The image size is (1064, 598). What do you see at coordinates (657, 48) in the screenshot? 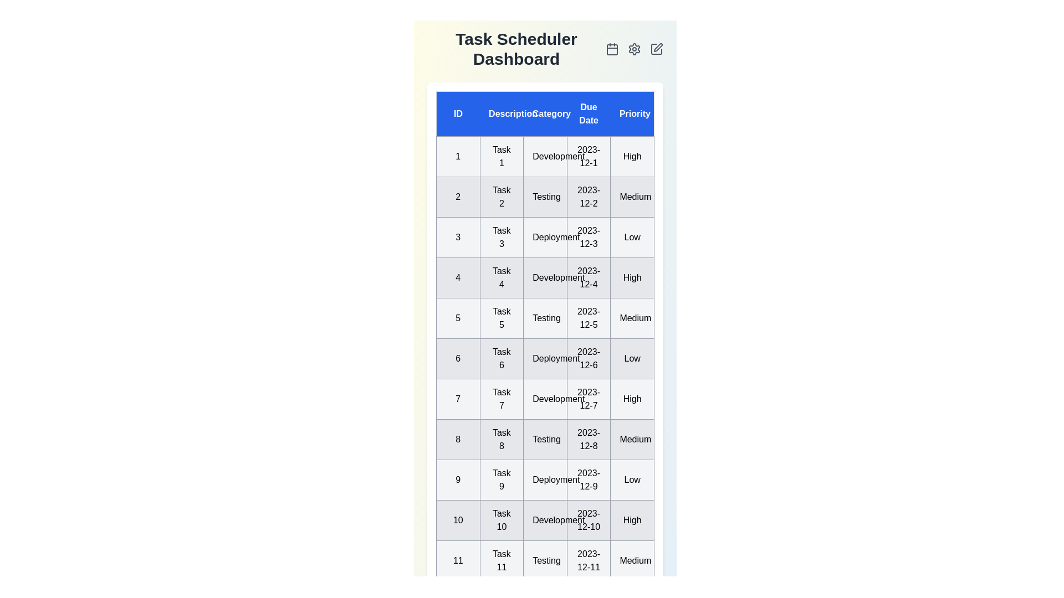
I see `the edit icon to initiate the edit functionality` at bounding box center [657, 48].